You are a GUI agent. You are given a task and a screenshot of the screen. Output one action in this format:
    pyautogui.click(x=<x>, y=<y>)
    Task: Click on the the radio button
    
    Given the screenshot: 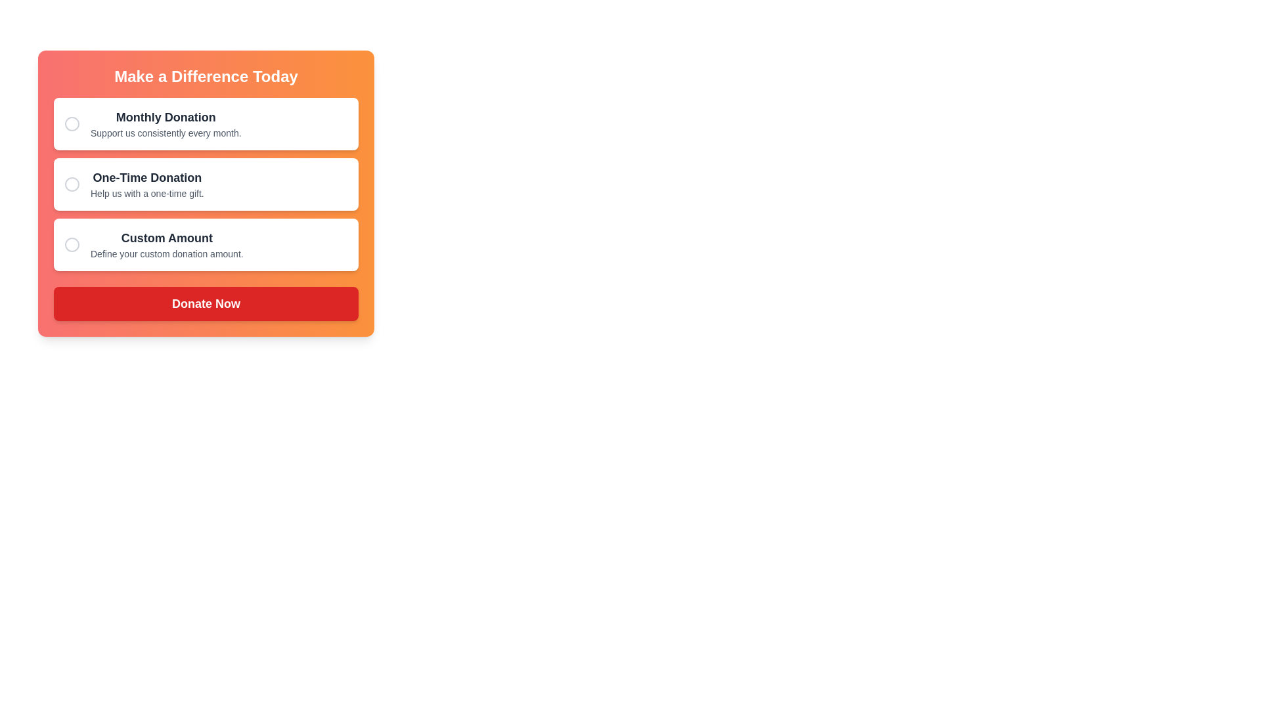 What is the action you would take?
    pyautogui.click(x=205, y=184)
    